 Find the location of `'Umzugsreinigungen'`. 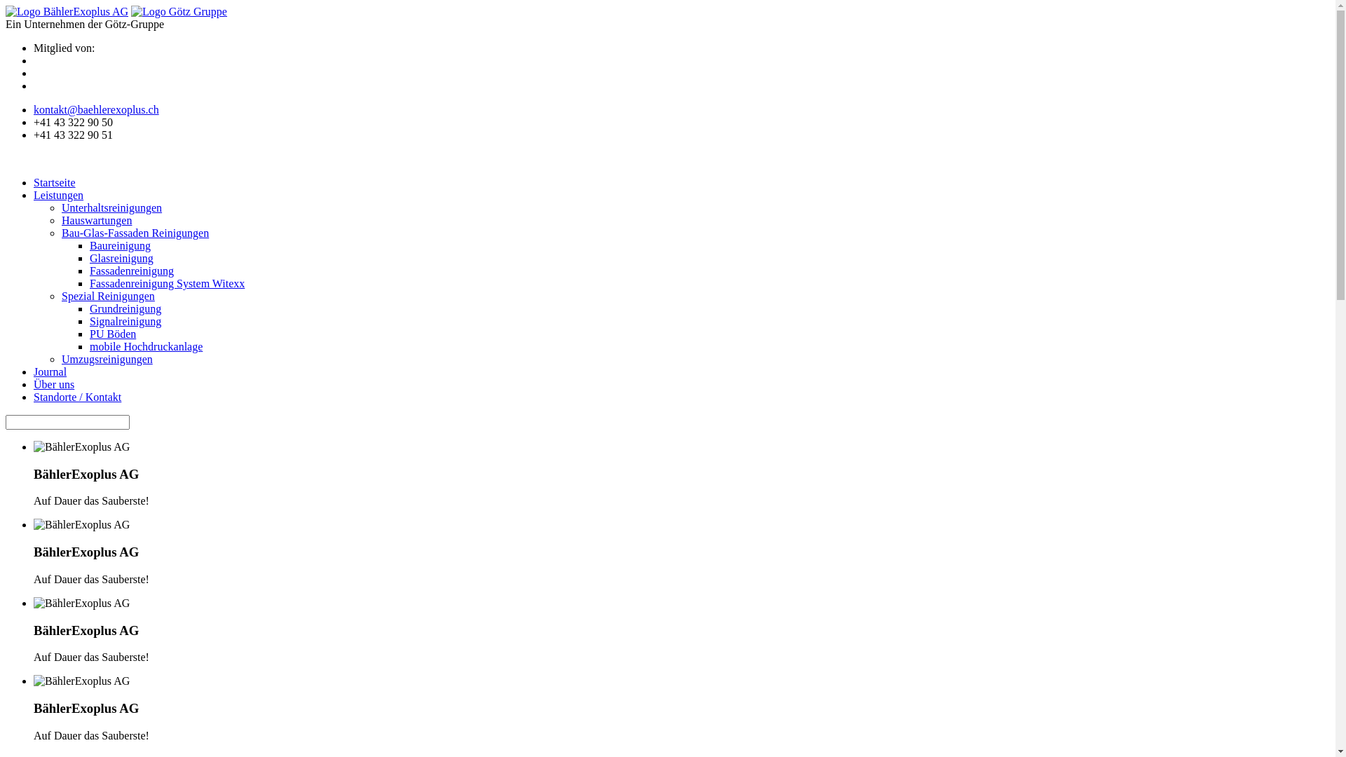

'Umzugsreinigungen' is located at coordinates (107, 358).